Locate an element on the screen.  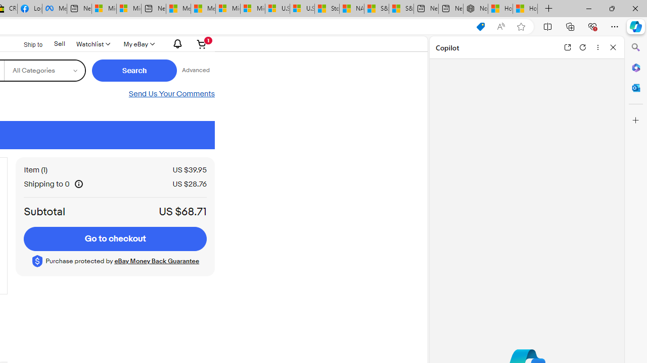
'Send Us Your Comments - opens in new window or tab' is located at coordinates (171, 94).